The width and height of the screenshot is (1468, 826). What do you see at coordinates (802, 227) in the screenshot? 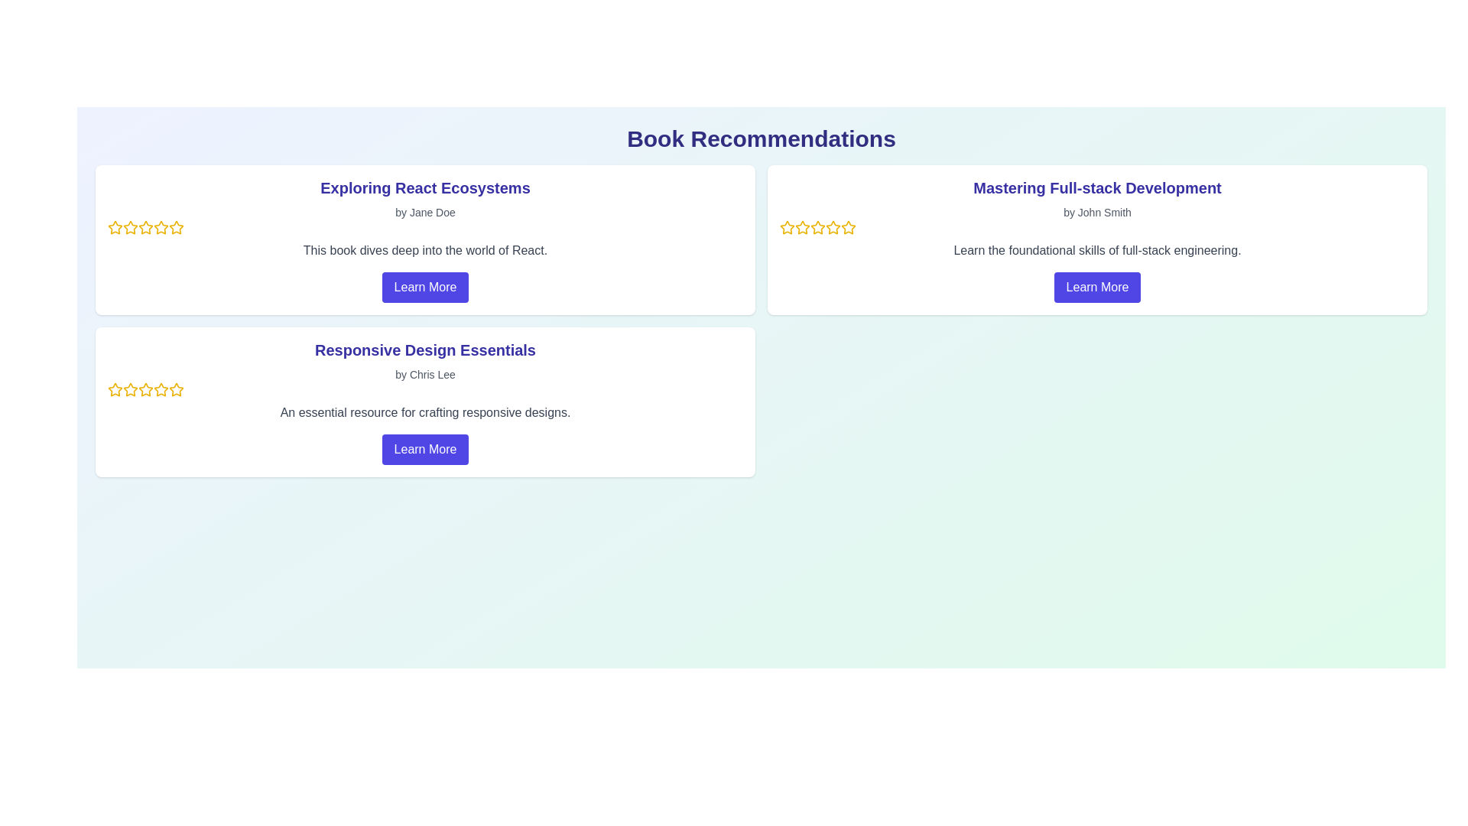
I see `the second star icon in the rating bar for 'Mastering Full-stack Development' located in the upper right portion of the layout` at bounding box center [802, 227].